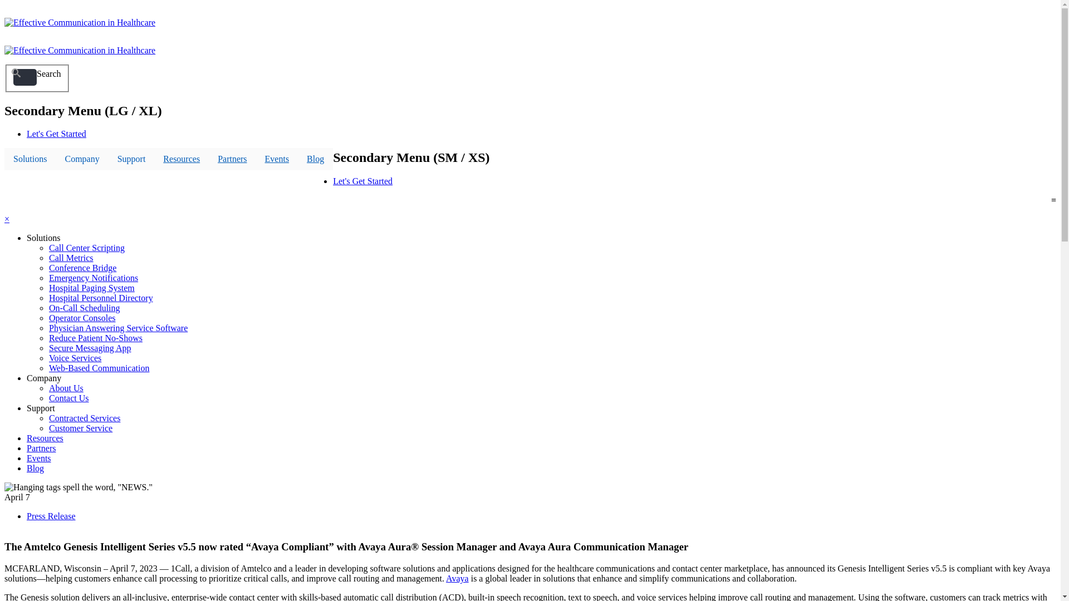 This screenshot has width=1069, height=601. Describe the element at coordinates (39, 458) in the screenshot. I see `'Events'` at that location.